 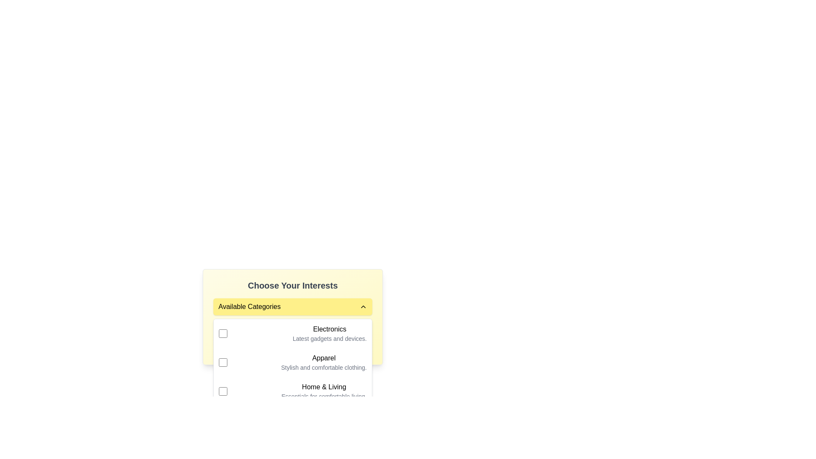 What do you see at coordinates (293, 345) in the screenshot?
I see `the text that reads 'No categories selected'` at bounding box center [293, 345].